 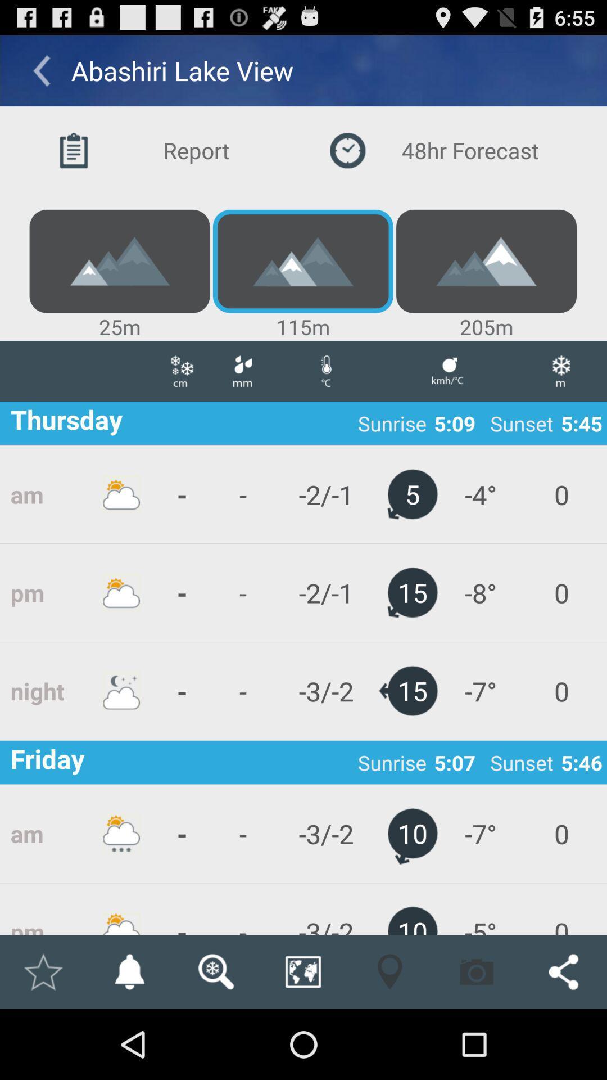 What do you see at coordinates (166, 150) in the screenshot?
I see `button to the left of the 48hr forecast` at bounding box center [166, 150].